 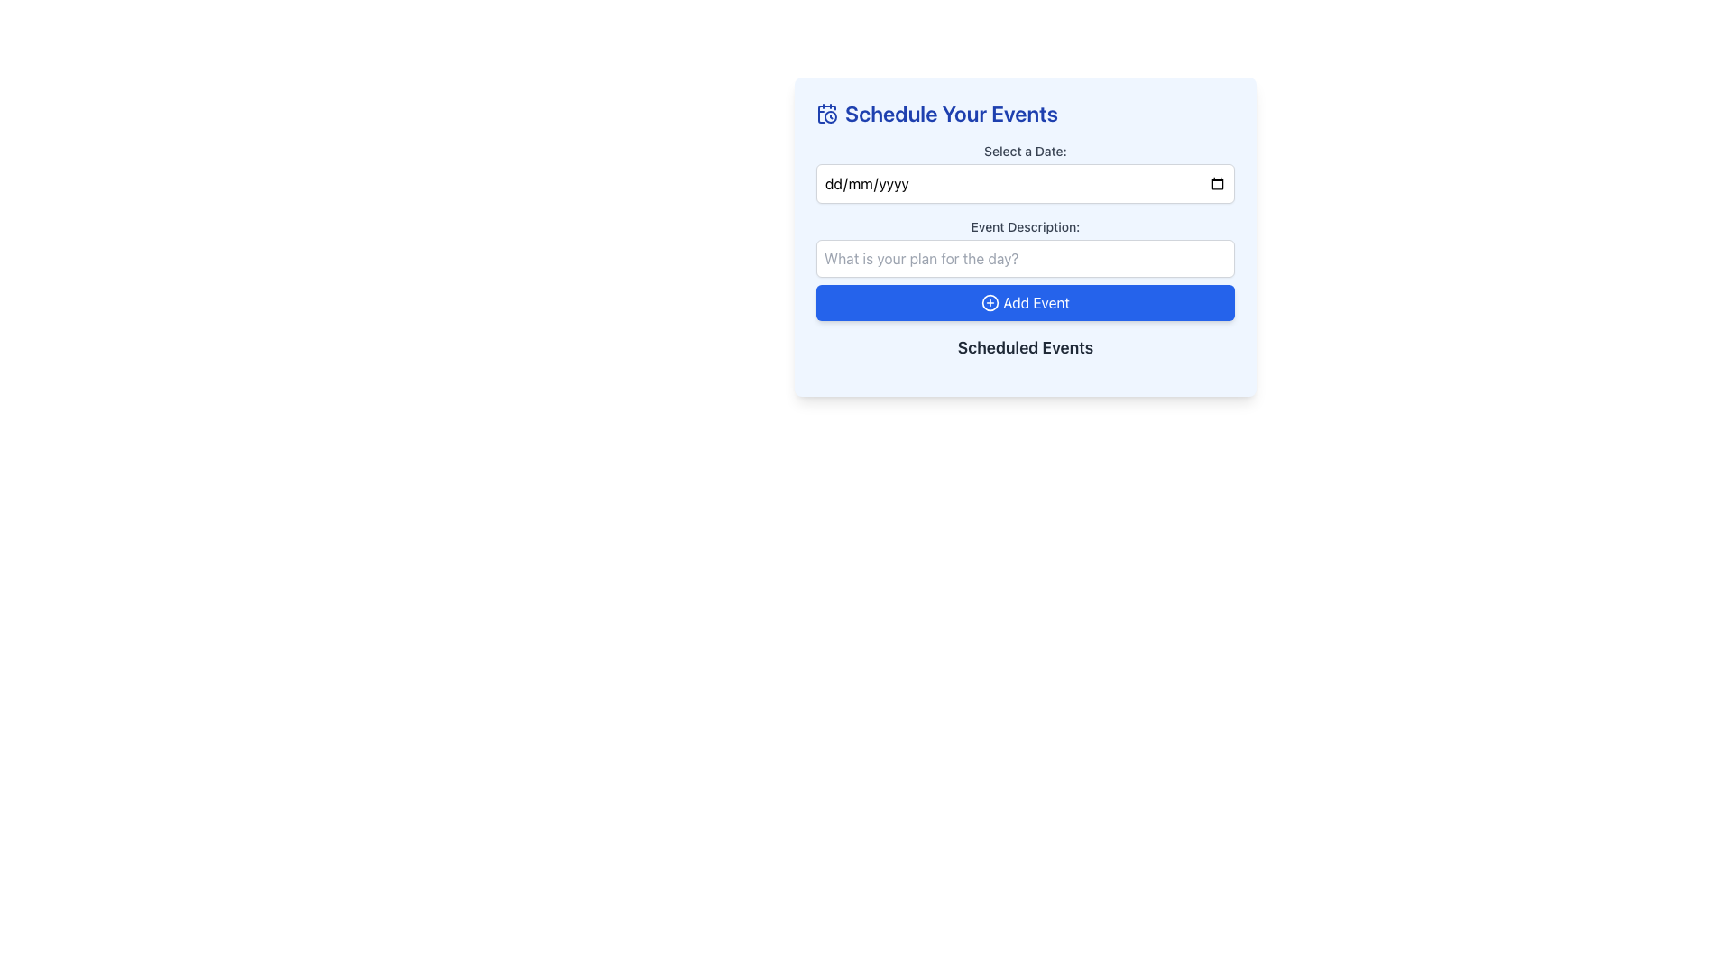 What do you see at coordinates (990, 301) in the screenshot?
I see `the addition icon located inside the 'Add Event' button, which is positioned below the 'Event Description' text input field` at bounding box center [990, 301].